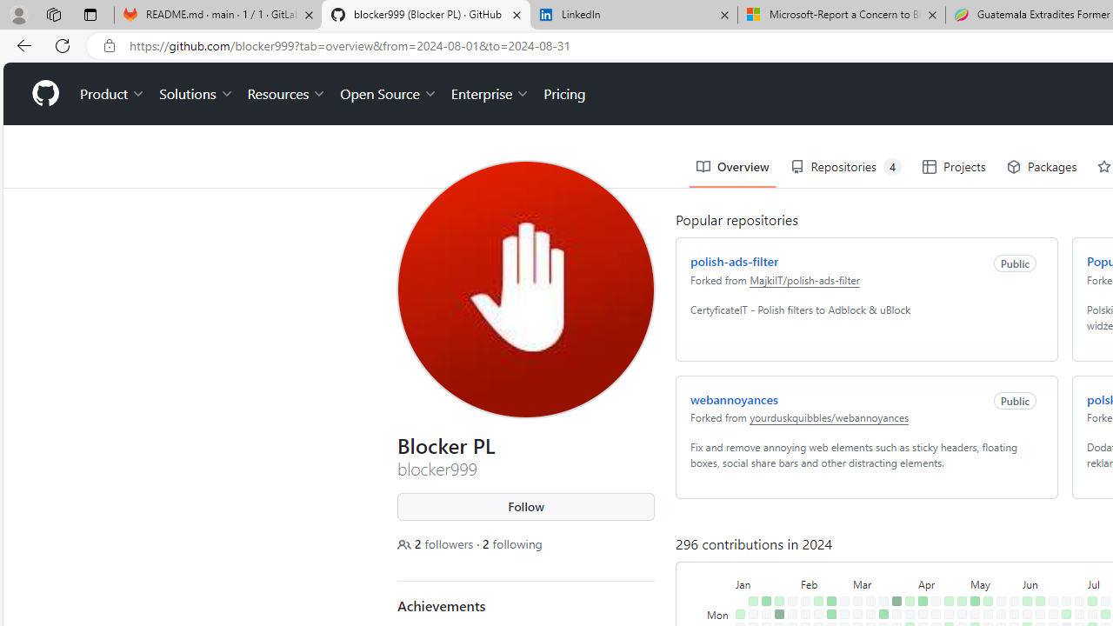 The image size is (1113, 626). Describe the element at coordinates (828, 417) in the screenshot. I see `'yourduskquibbles/webannoyances'` at that location.